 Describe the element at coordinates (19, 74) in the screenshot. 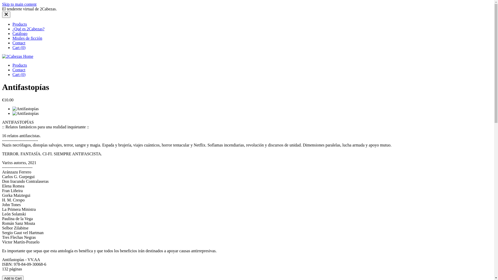

I see `'Cart (0)'` at that location.